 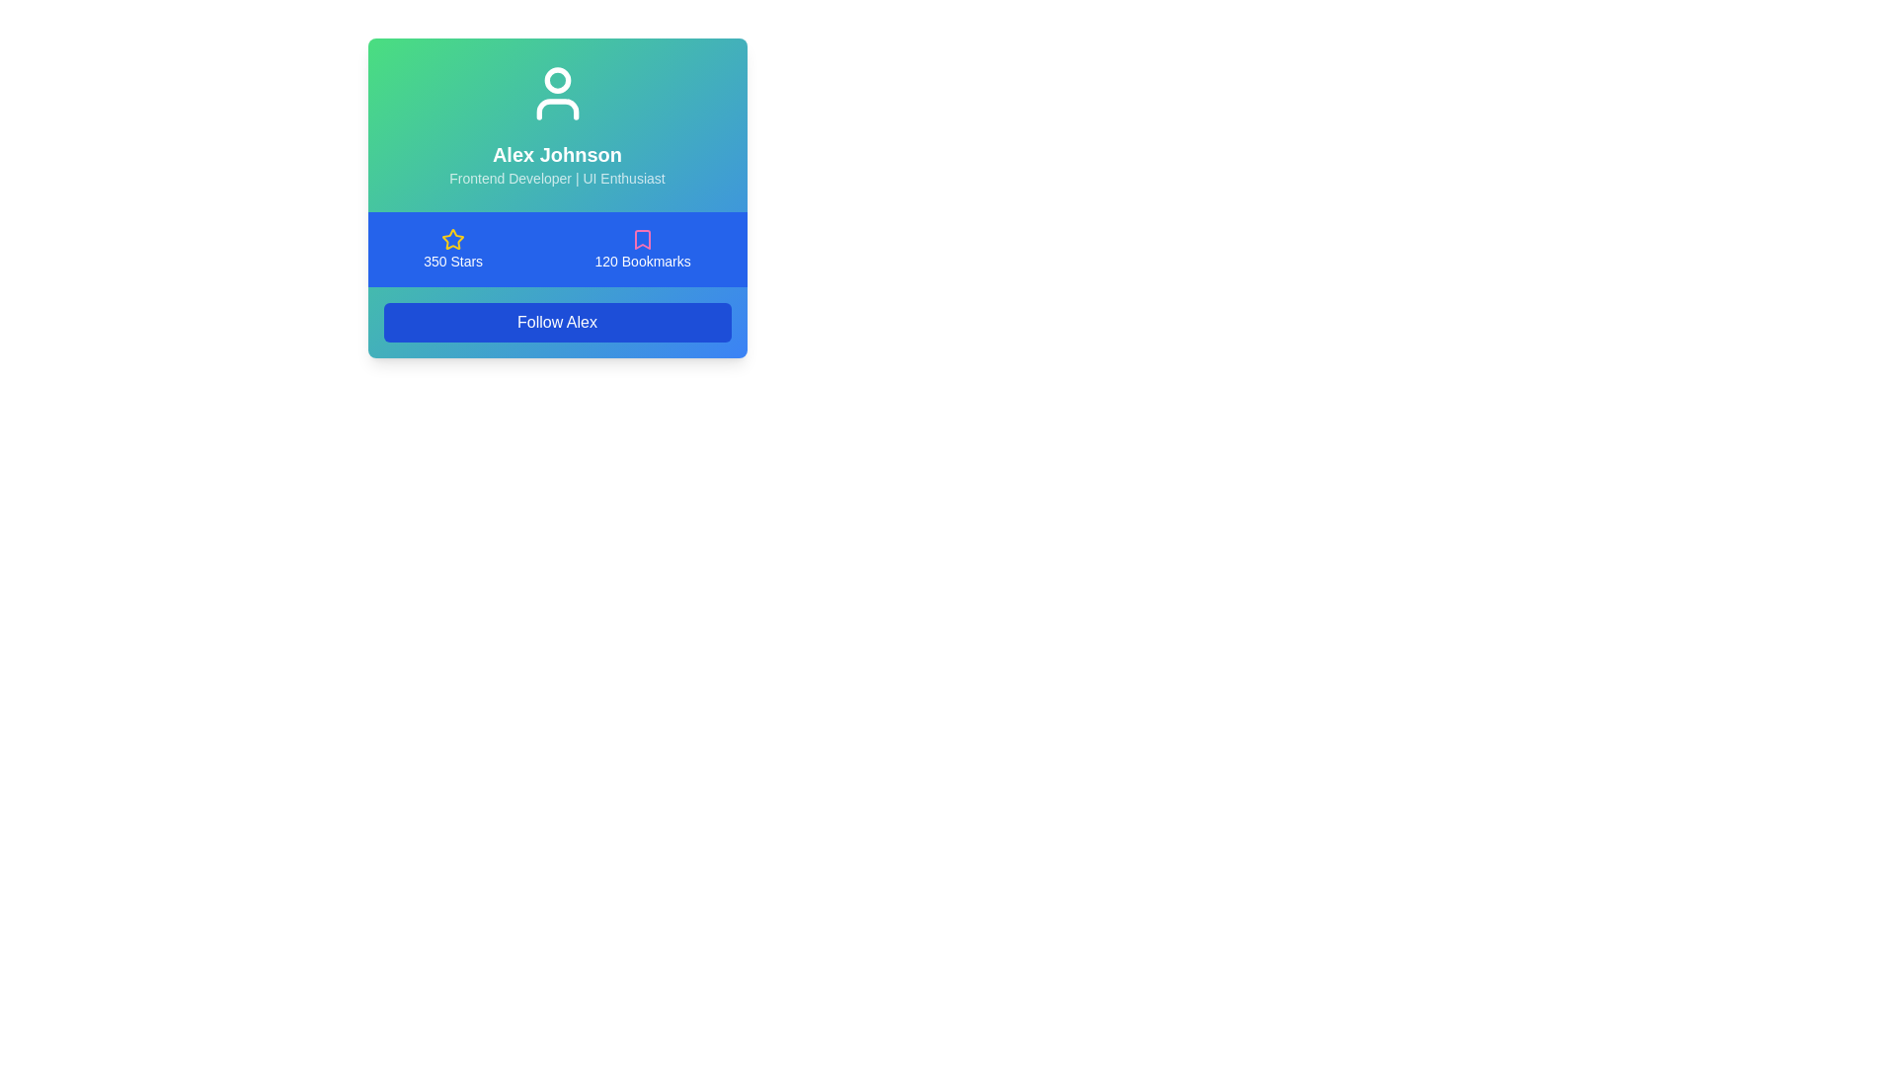 What do you see at coordinates (452, 238) in the screenshot?
I see `the first star icon representing '350 Stars' in the blue section` at bounding box center [452, 238].